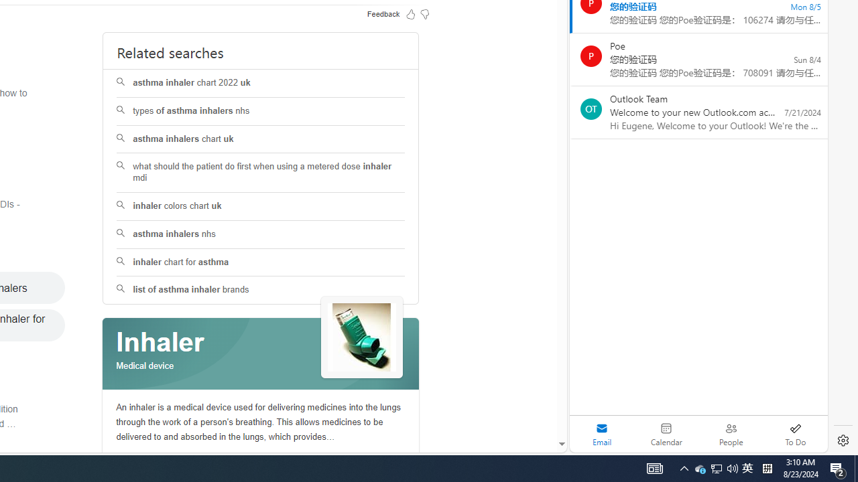  Describe the element at coordinates (261, 234) in the screenshot. I see `'asthma inhalers nhs'` at that location.